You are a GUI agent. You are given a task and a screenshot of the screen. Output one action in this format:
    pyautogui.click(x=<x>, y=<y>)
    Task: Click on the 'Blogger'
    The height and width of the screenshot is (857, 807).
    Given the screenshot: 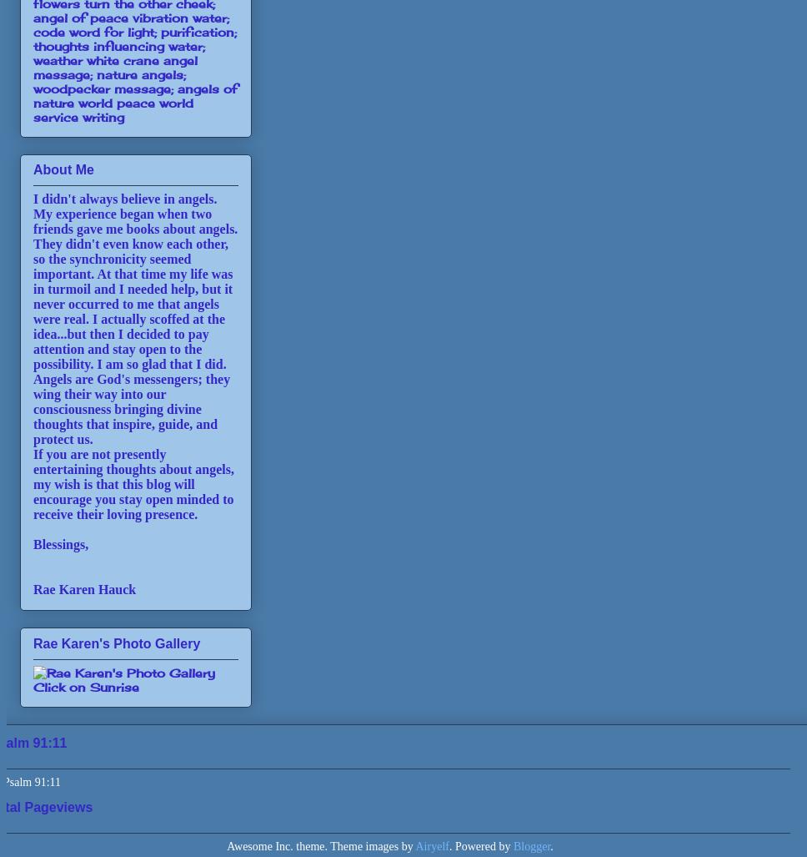 What is the action you would take?
    pyautogui.click(x=511, y=844)
    